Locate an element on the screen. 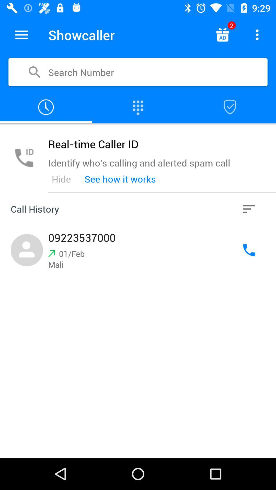 This screenshot has width=276, height=490. the see how it item is located at coordinates (120, 179).